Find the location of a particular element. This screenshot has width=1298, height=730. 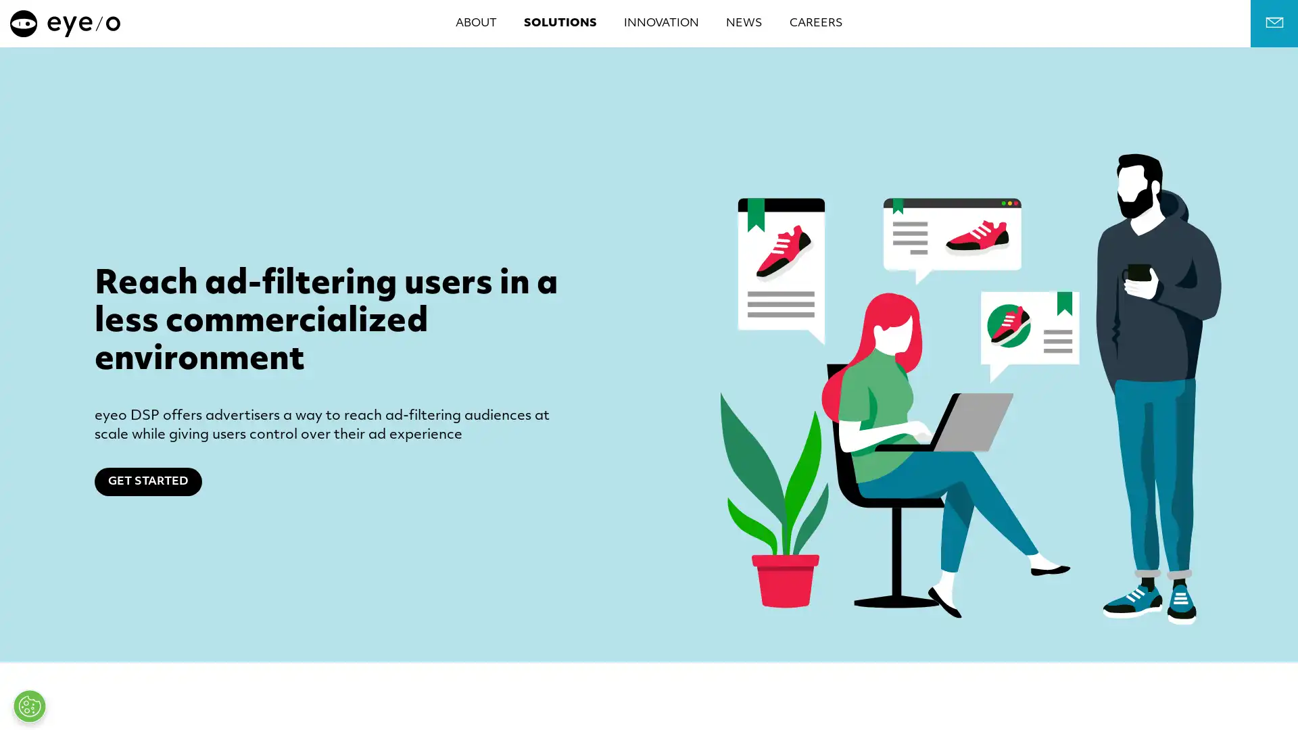

Open Preferences is located at coordinates (29, 706).